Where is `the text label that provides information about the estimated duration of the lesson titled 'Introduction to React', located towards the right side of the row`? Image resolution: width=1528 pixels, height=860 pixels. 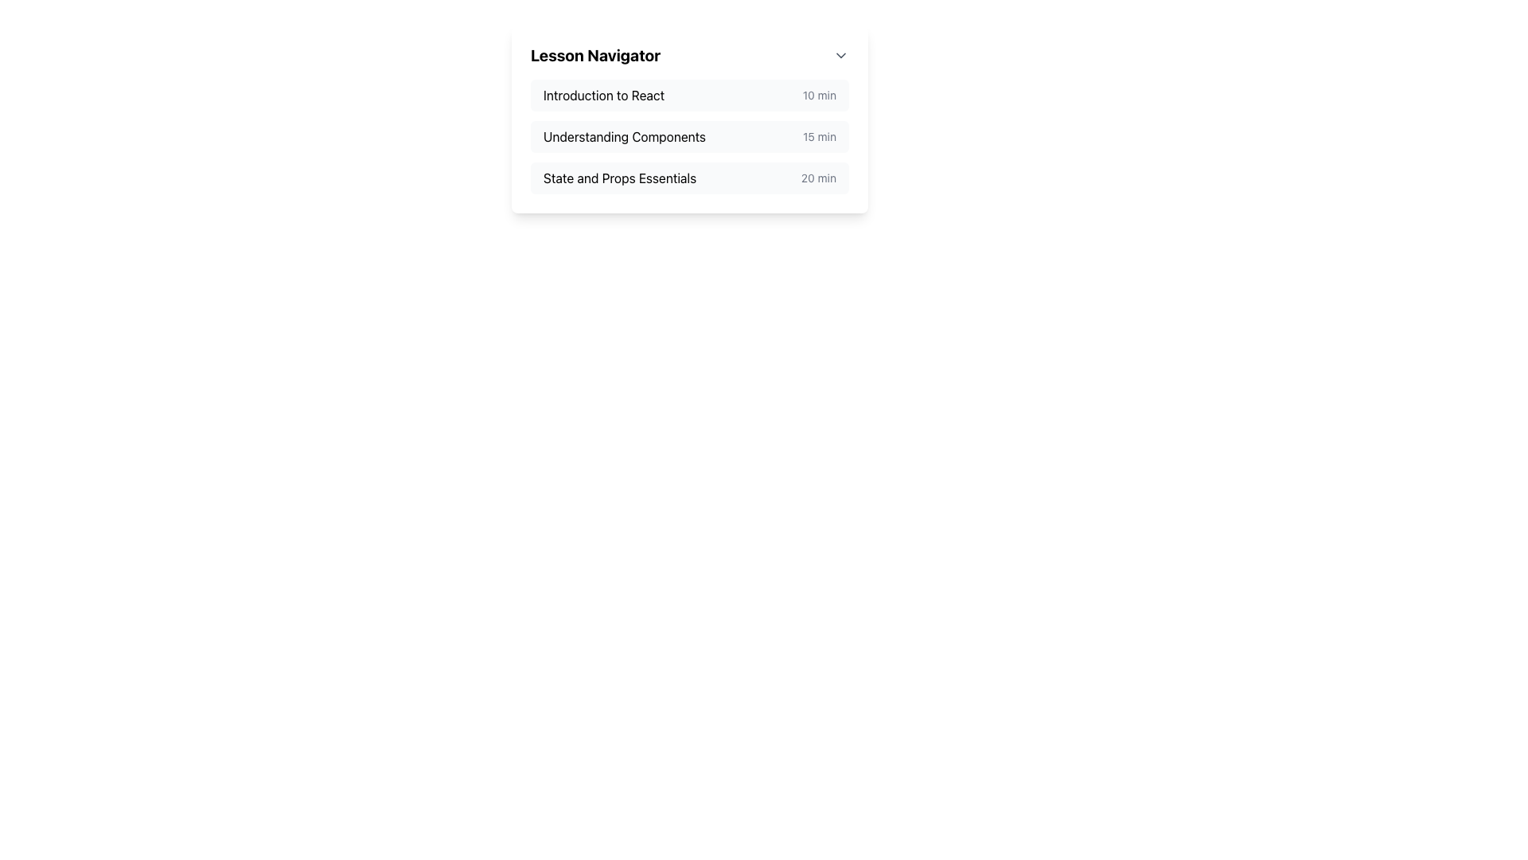 the text label that provides information about the estimated duration of the lesson titled 'Introduction to React', located towards the right side of the row is located at coordinates (819, 95).